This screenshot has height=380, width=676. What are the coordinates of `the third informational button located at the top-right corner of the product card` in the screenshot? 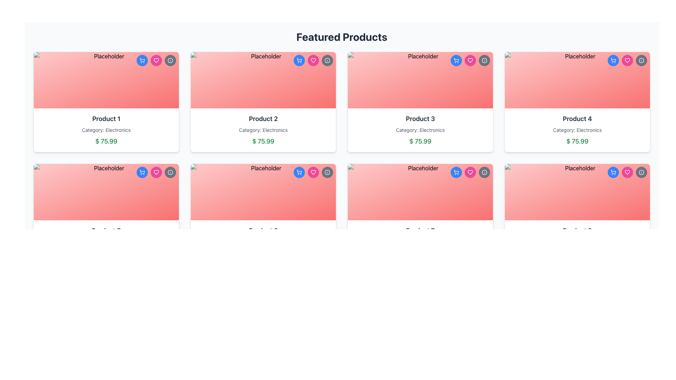 It's located at (327, 172).